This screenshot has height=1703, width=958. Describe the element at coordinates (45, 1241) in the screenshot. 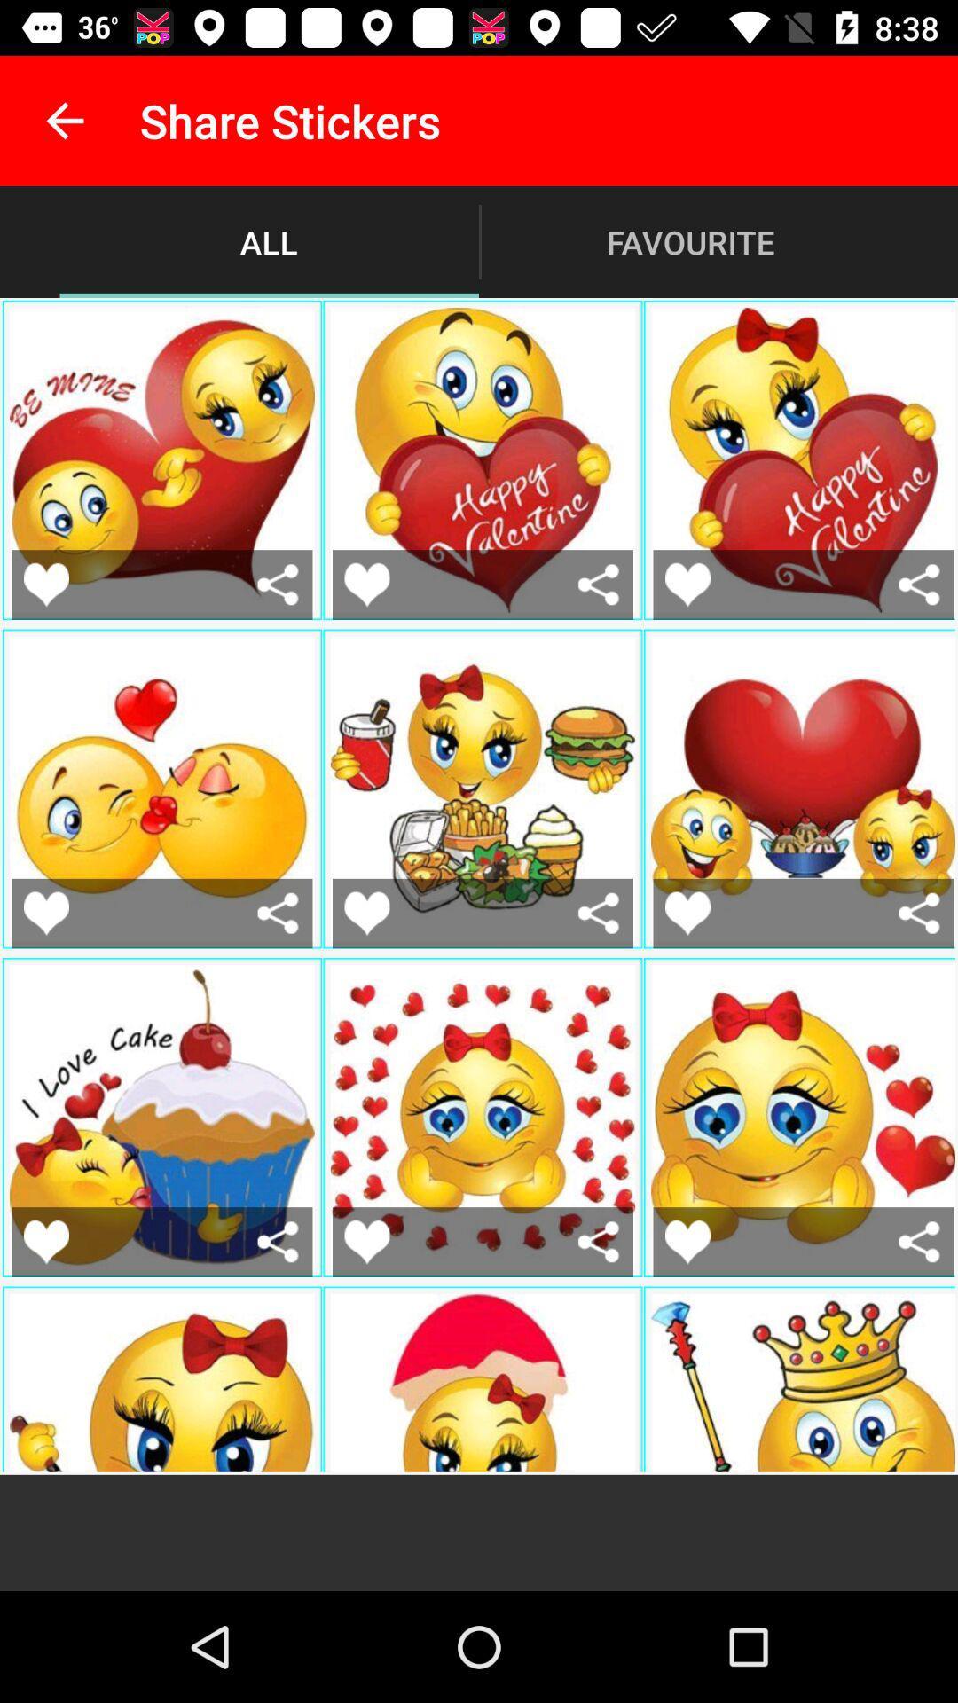

I see `like image` at that location.